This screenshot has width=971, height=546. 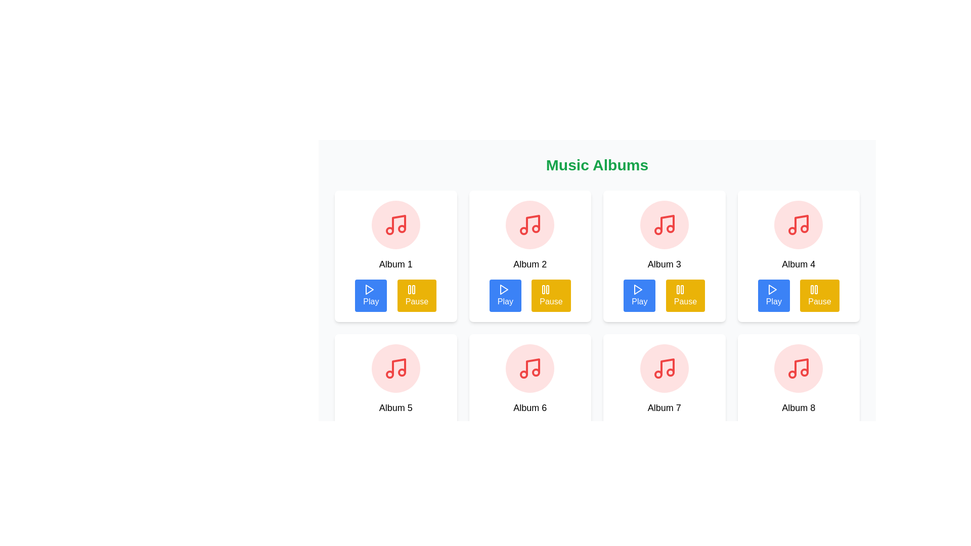 I want to click on the red musical note icon with a circular pink background, which represents an album's visual identifier in the album grid layout, so click(x=529, y=224).